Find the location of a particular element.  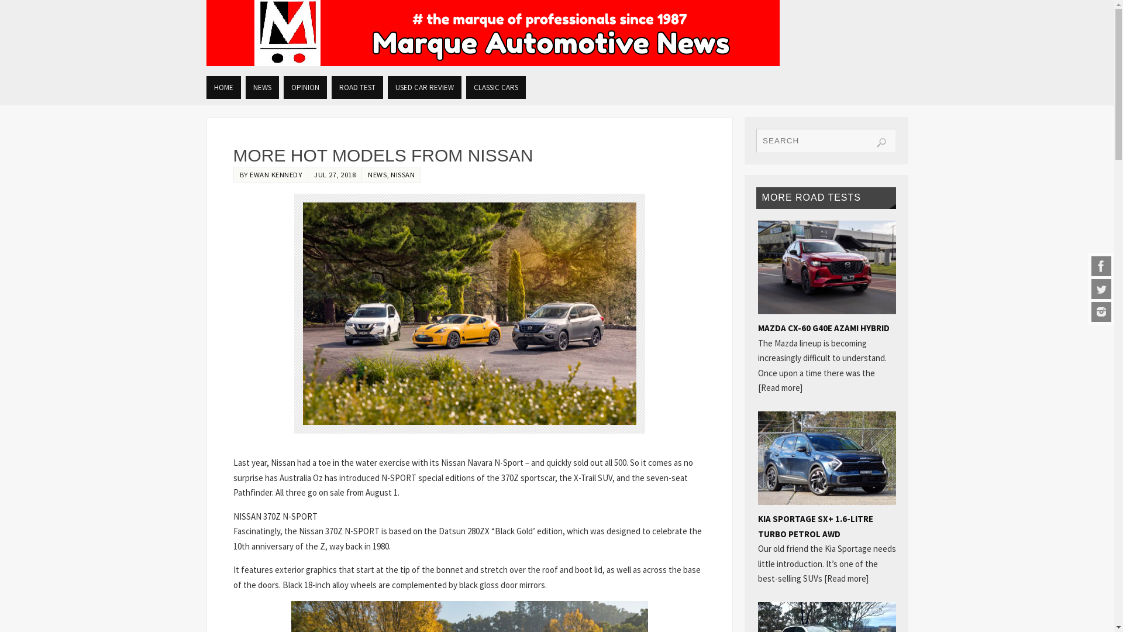

'NEWS' is located at coordinates (261, 87).